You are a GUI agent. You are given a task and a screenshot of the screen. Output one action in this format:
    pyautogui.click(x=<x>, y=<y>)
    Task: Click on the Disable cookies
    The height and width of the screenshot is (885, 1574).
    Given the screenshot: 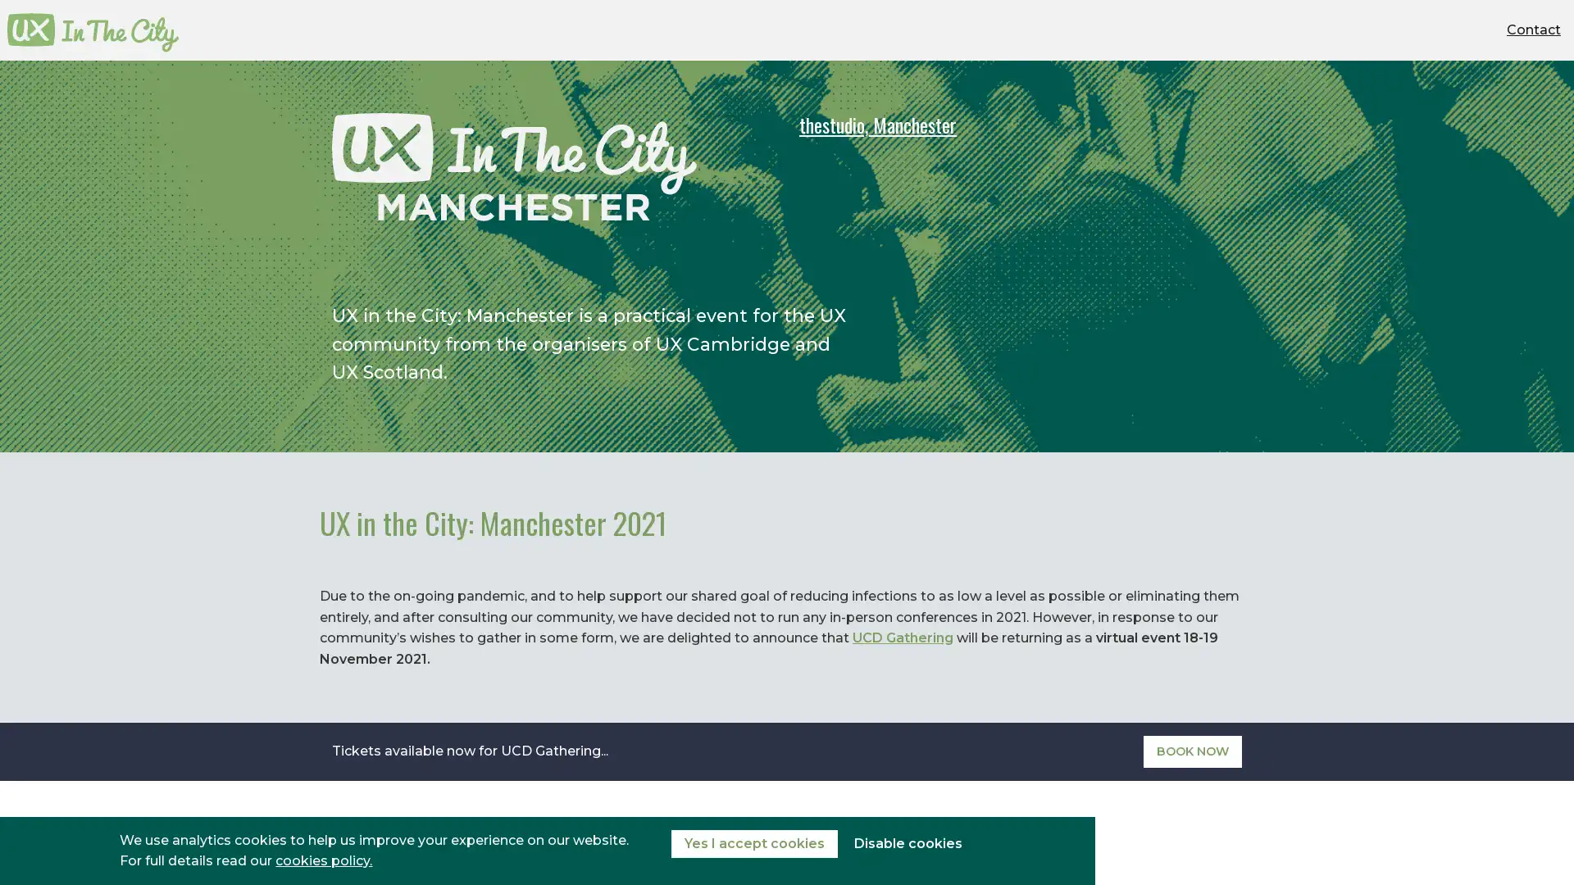 What is the action you would take?
    pyautogui.click(x=907, y=843)
    